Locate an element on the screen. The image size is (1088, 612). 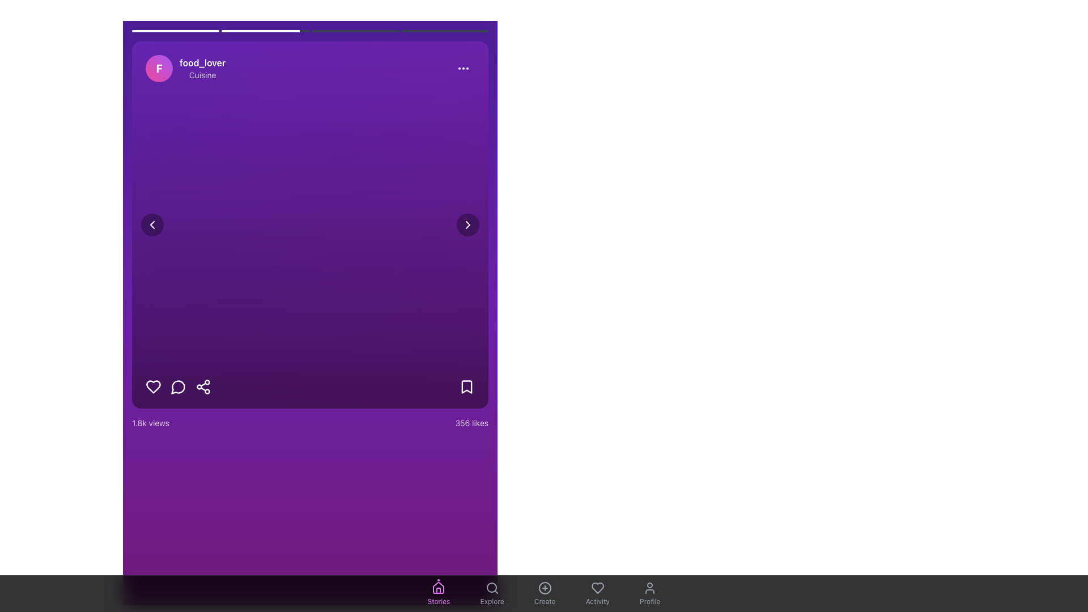
the stylized heart icon located in the lower-left corner of the card-like section of the interface is located at coordinates (597, 587).